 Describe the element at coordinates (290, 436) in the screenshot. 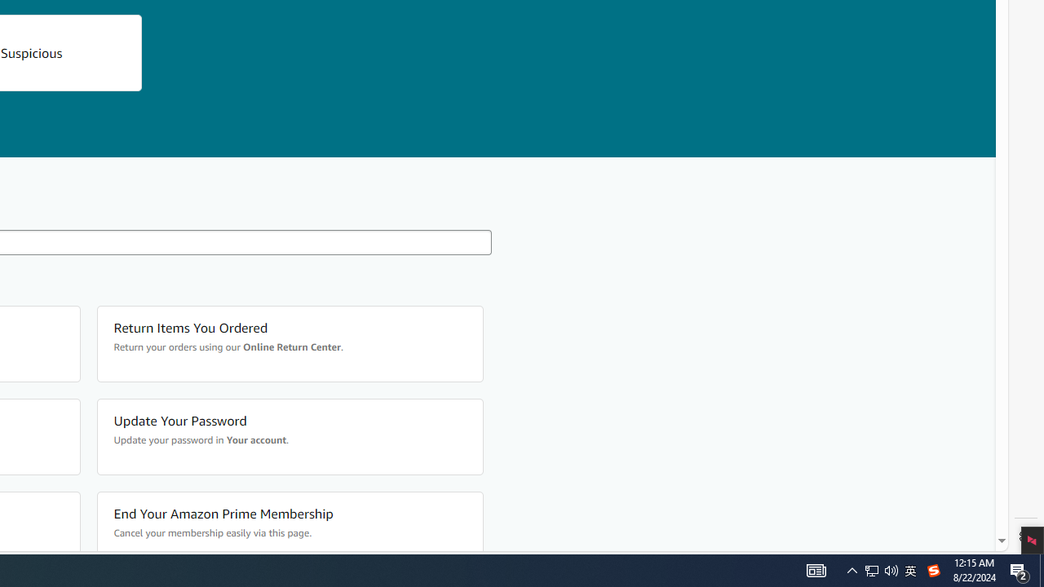

I see `'Update Your Password Update your password in Your account.'` at that location.